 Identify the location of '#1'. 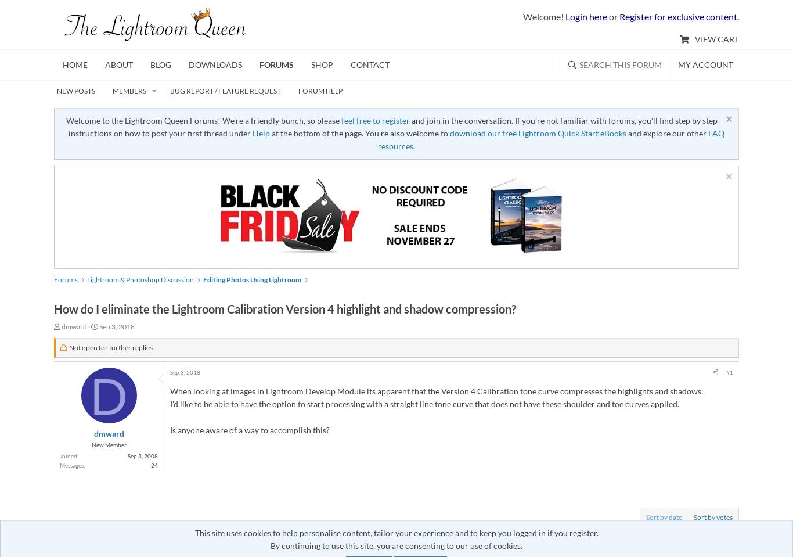
(726, 372).